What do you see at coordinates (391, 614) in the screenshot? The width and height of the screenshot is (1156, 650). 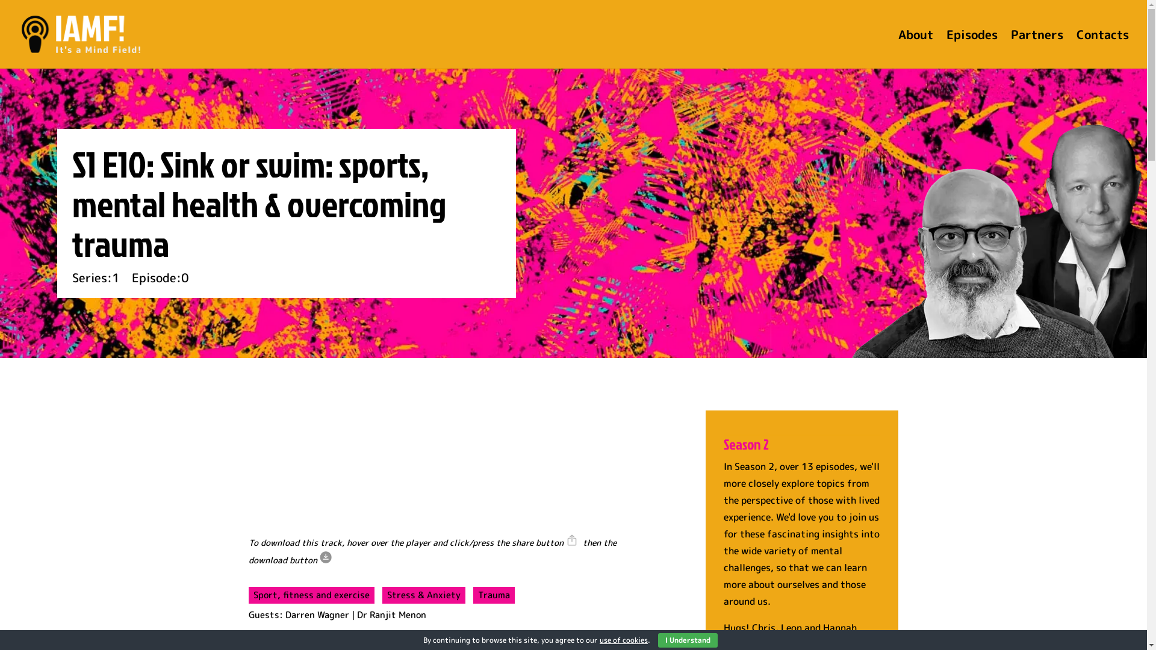 I see `'Dr Ranjit Menon'` at bounding box center [391, 614].